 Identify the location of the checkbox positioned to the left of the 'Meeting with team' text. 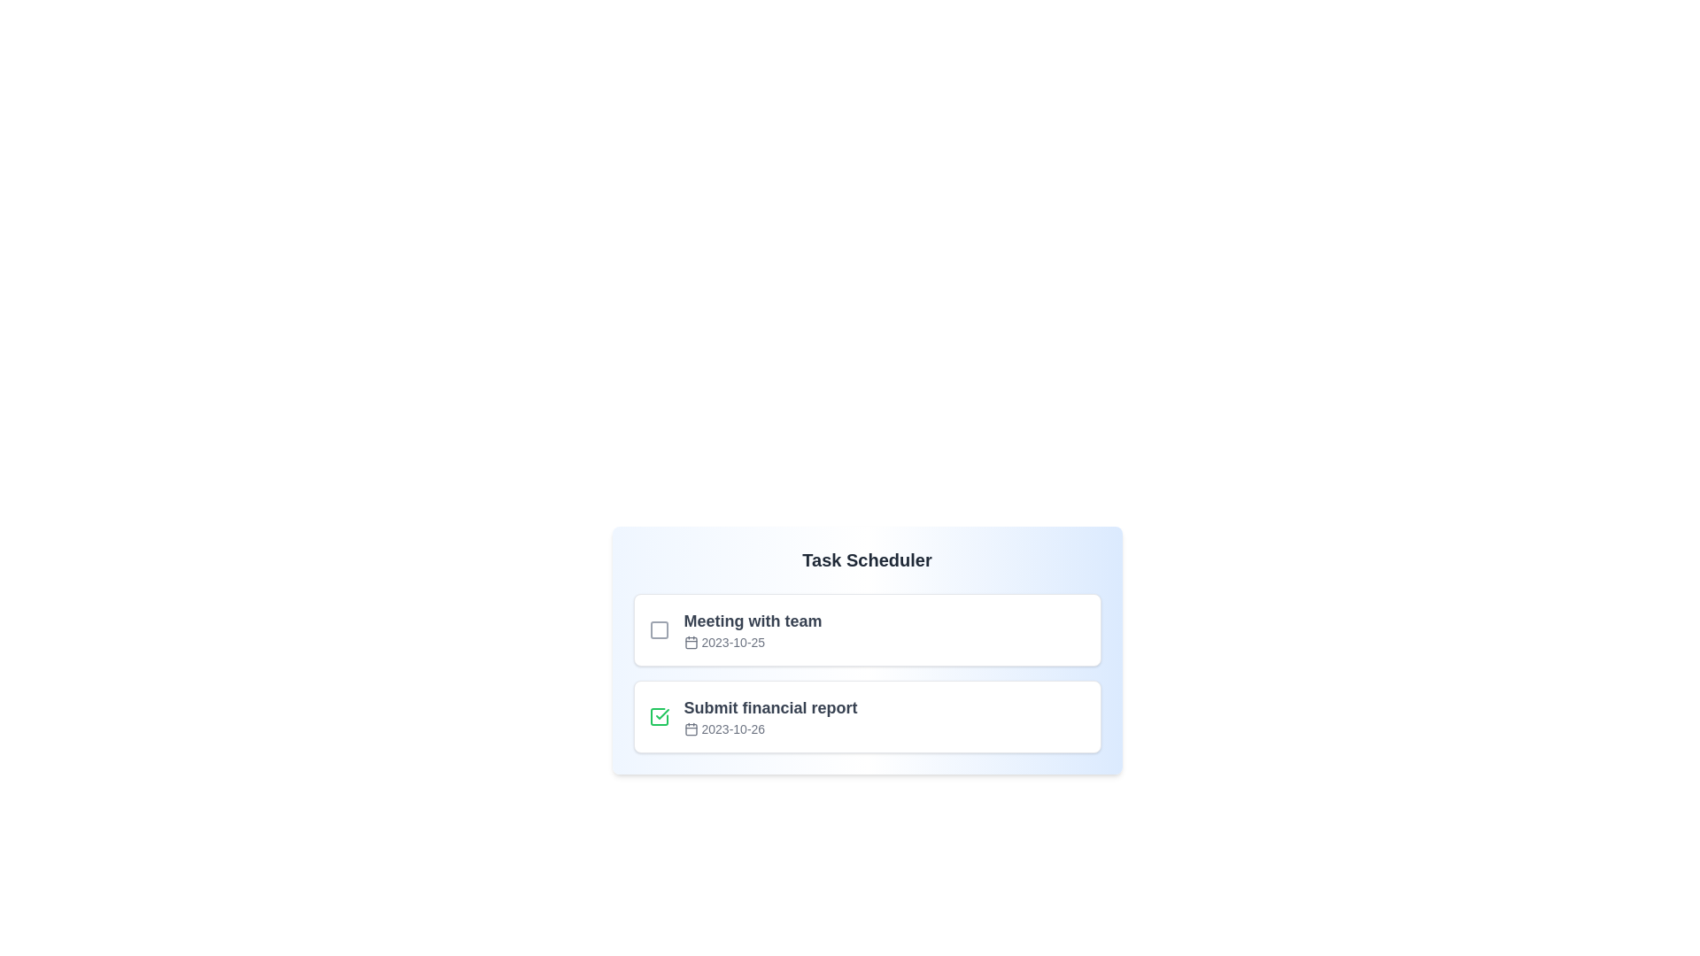
(658, 629).